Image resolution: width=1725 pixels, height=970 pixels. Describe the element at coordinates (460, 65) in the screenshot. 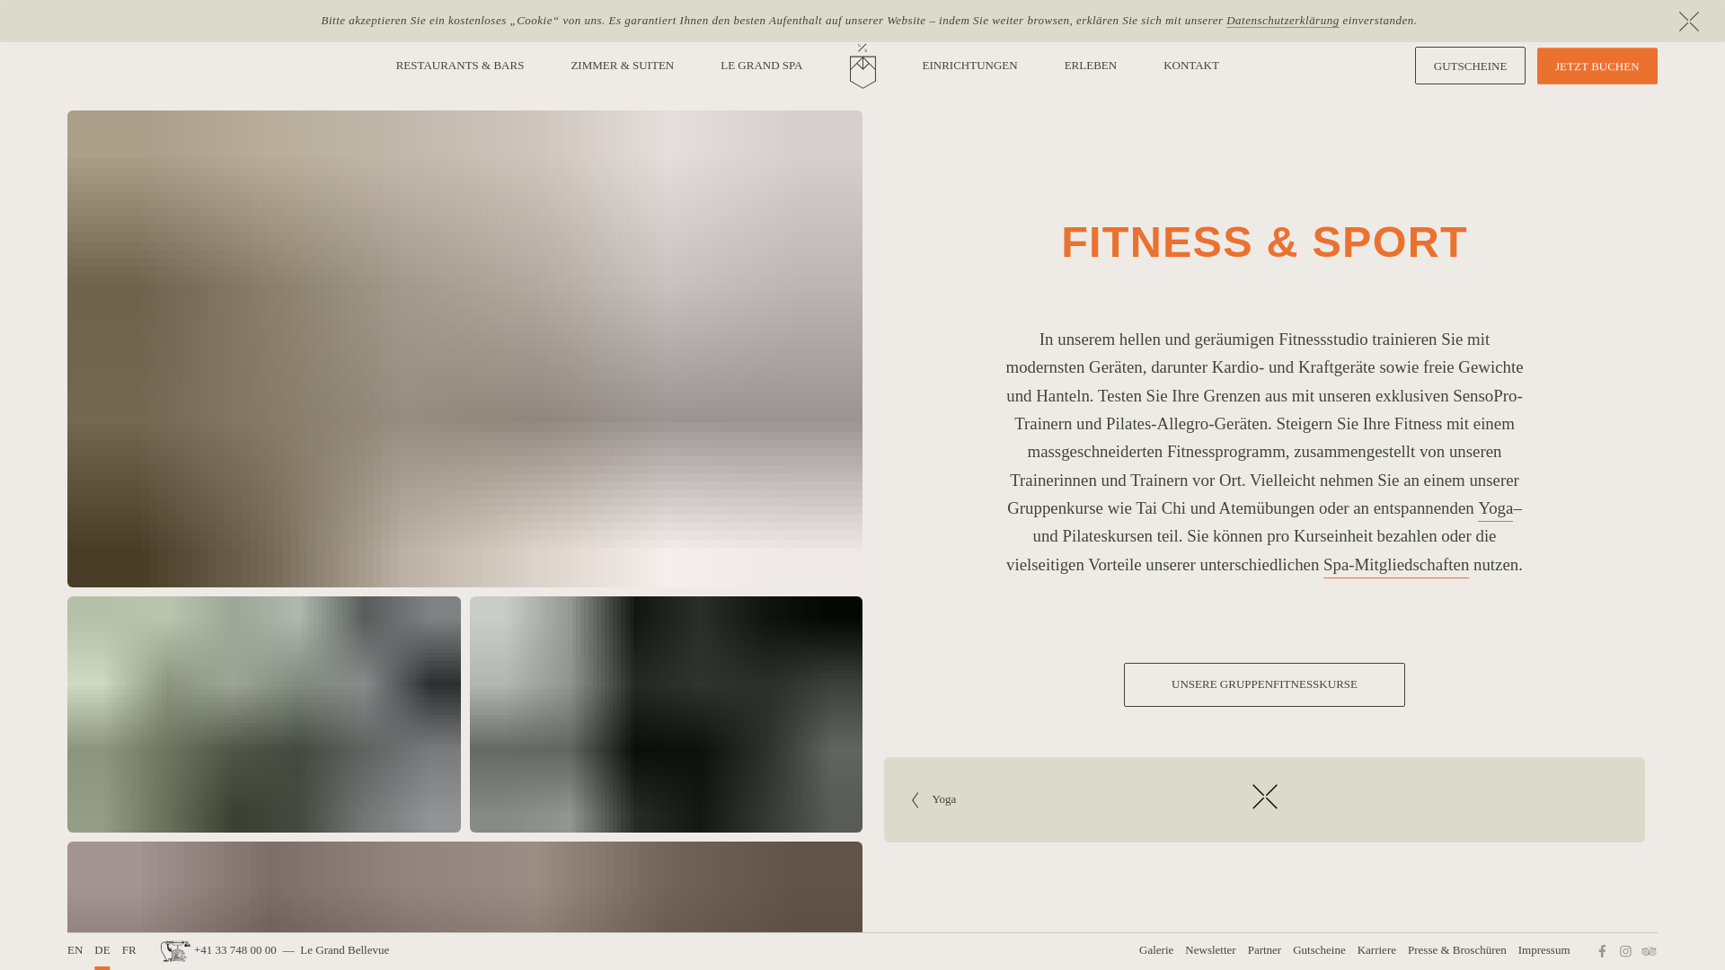

I see `'RESTAURANTS & BARS'` at that location.